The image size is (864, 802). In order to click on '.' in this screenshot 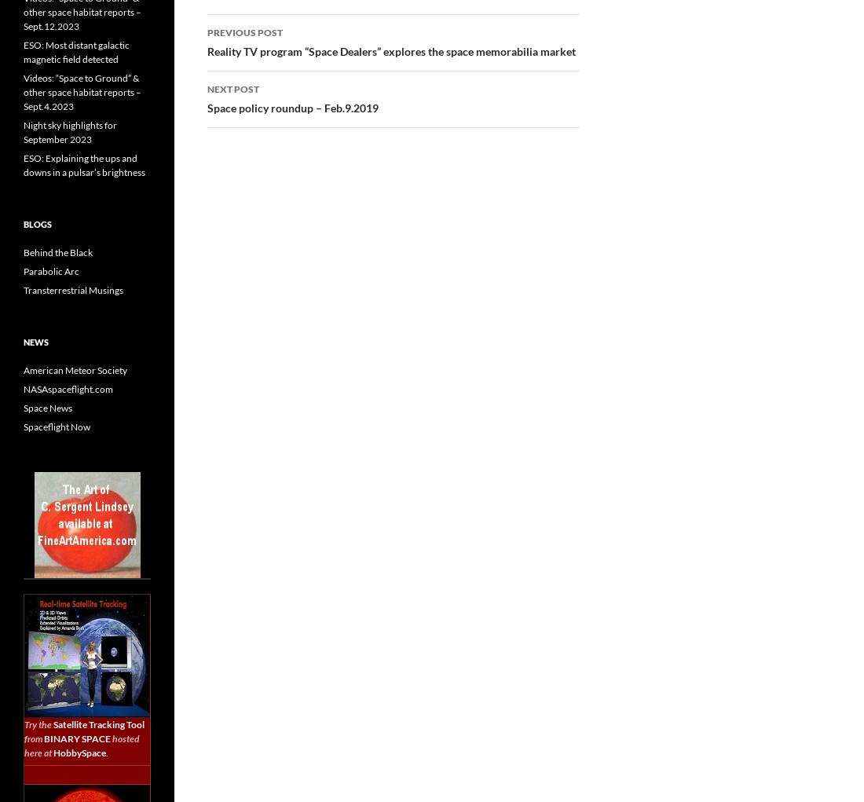, I will do `click(107, 752)`.